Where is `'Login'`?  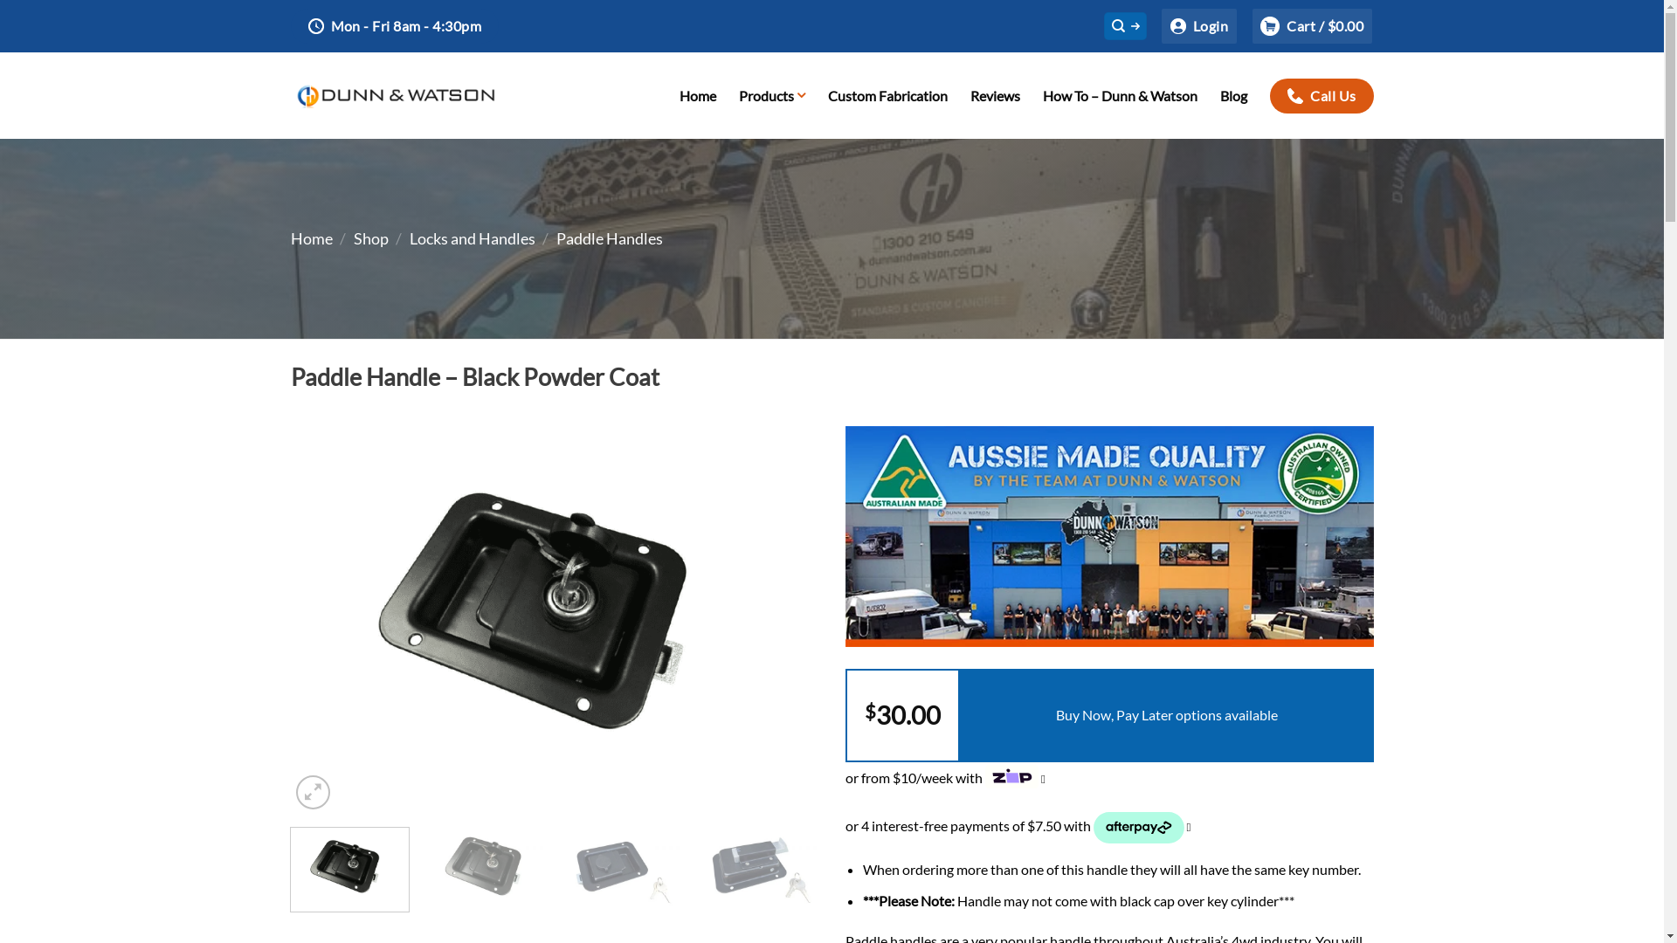 'Login' is located at coordinates (1197, 26).